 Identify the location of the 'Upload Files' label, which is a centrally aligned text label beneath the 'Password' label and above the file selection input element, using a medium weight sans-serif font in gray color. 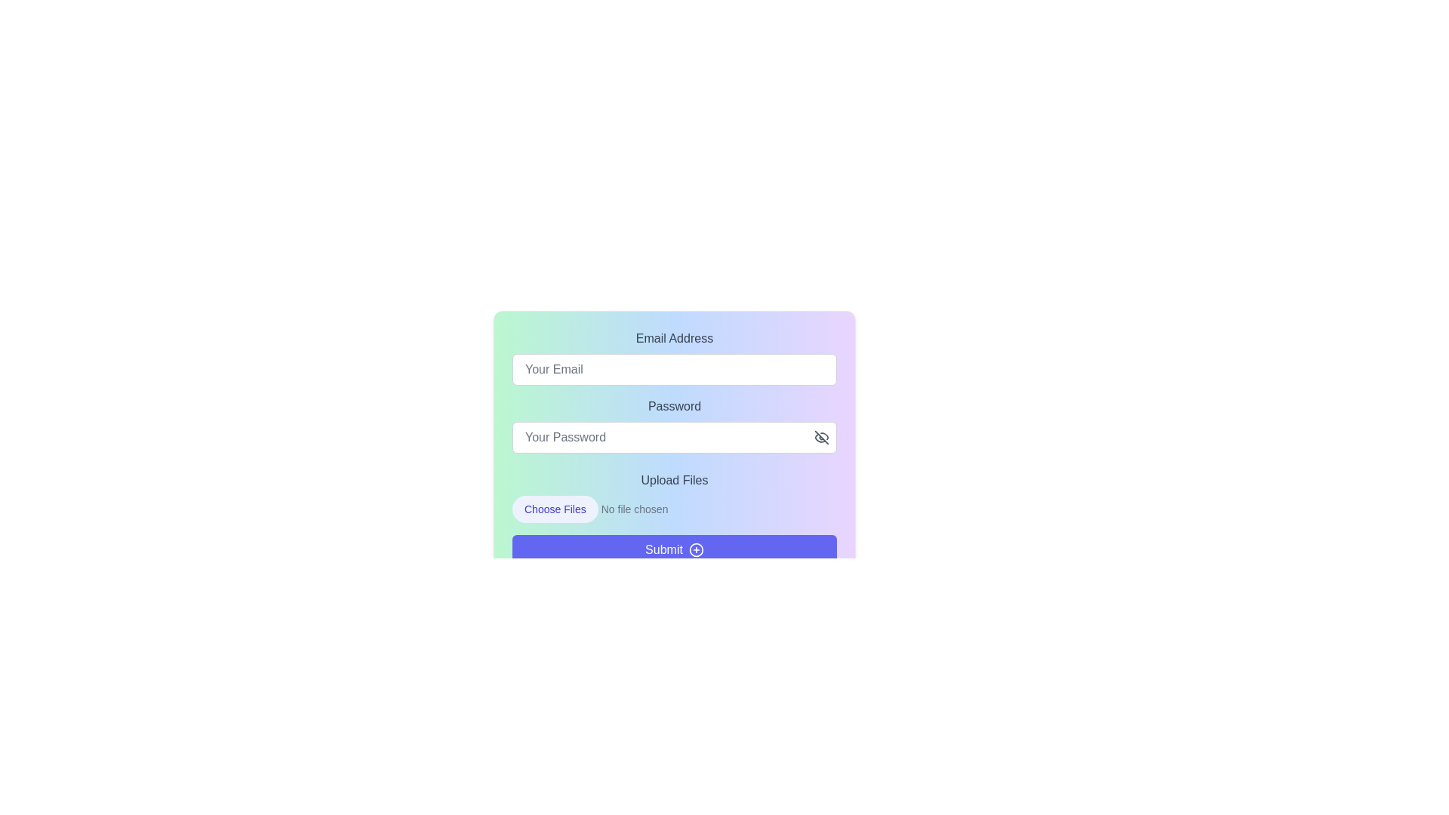
(673, 480).